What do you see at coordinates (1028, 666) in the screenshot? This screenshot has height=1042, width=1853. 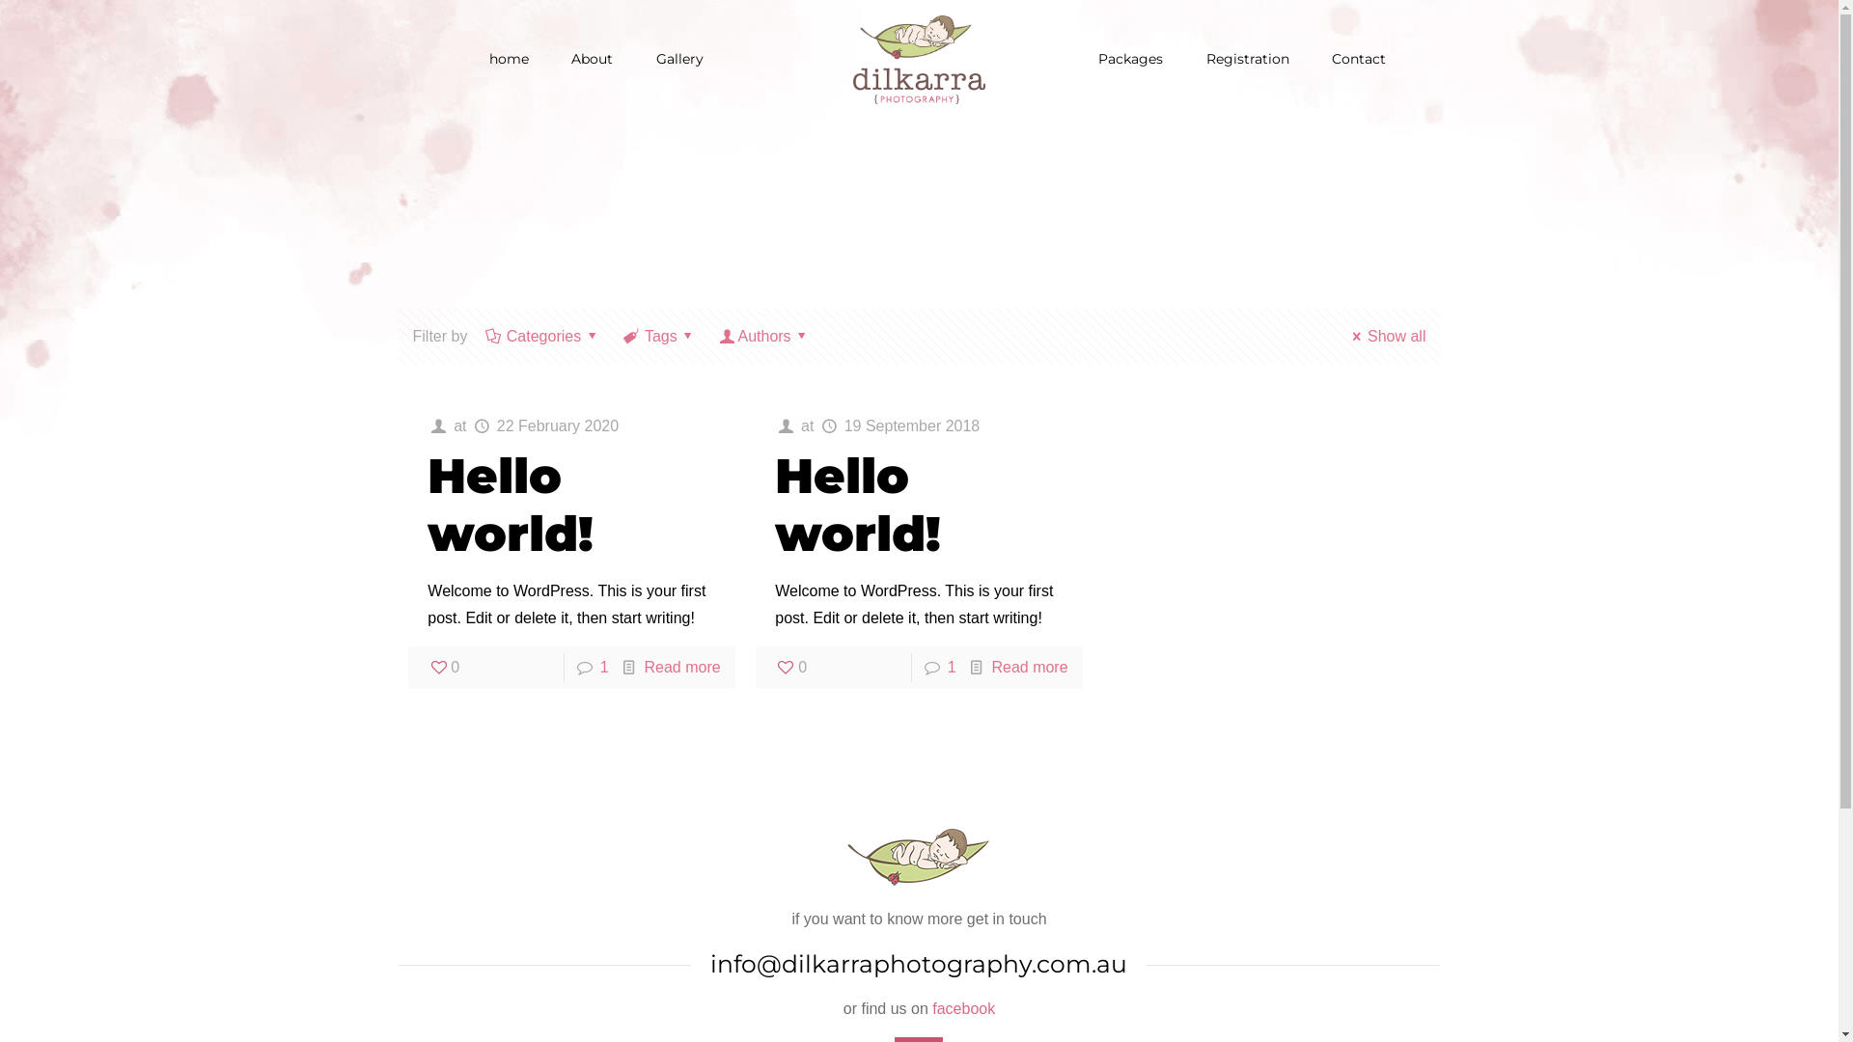 I see `'Read more'` at bounding box center [1028, 666].